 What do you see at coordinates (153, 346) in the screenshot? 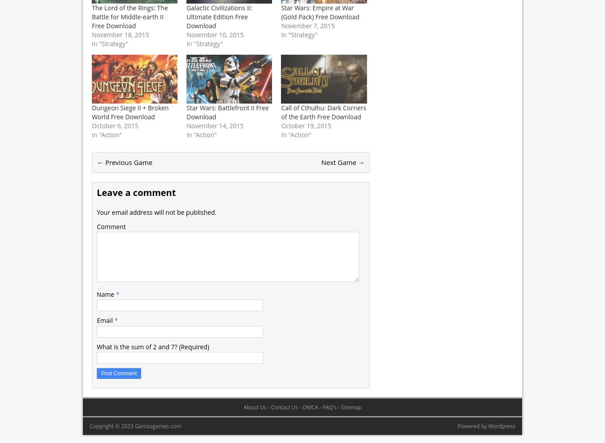
I see `'What is the sum of 2 and 7? (Required)'` at bounding box center [153, 346].